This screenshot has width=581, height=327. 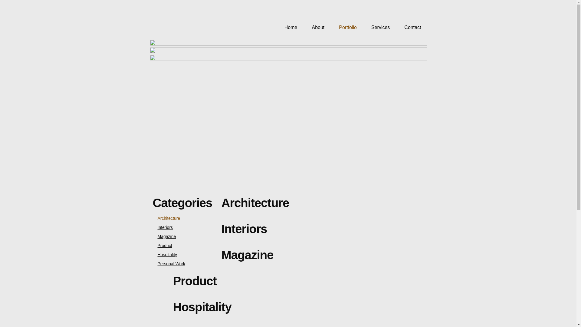 What do you see at coordinates (315, 28) in the screenshot?
I see `'About'` at bounding box center [315, 28].